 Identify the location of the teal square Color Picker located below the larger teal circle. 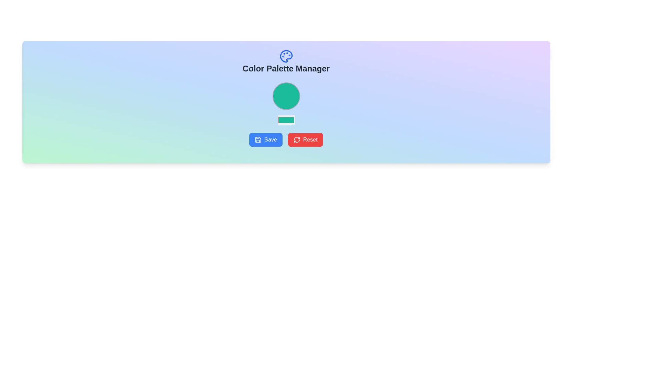
(286, 120).